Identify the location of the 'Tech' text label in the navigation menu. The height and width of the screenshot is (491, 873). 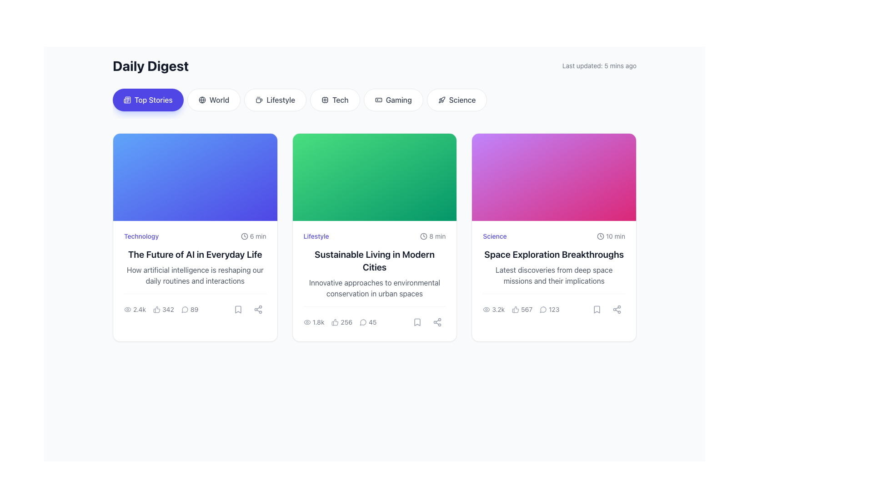
(340, 100).